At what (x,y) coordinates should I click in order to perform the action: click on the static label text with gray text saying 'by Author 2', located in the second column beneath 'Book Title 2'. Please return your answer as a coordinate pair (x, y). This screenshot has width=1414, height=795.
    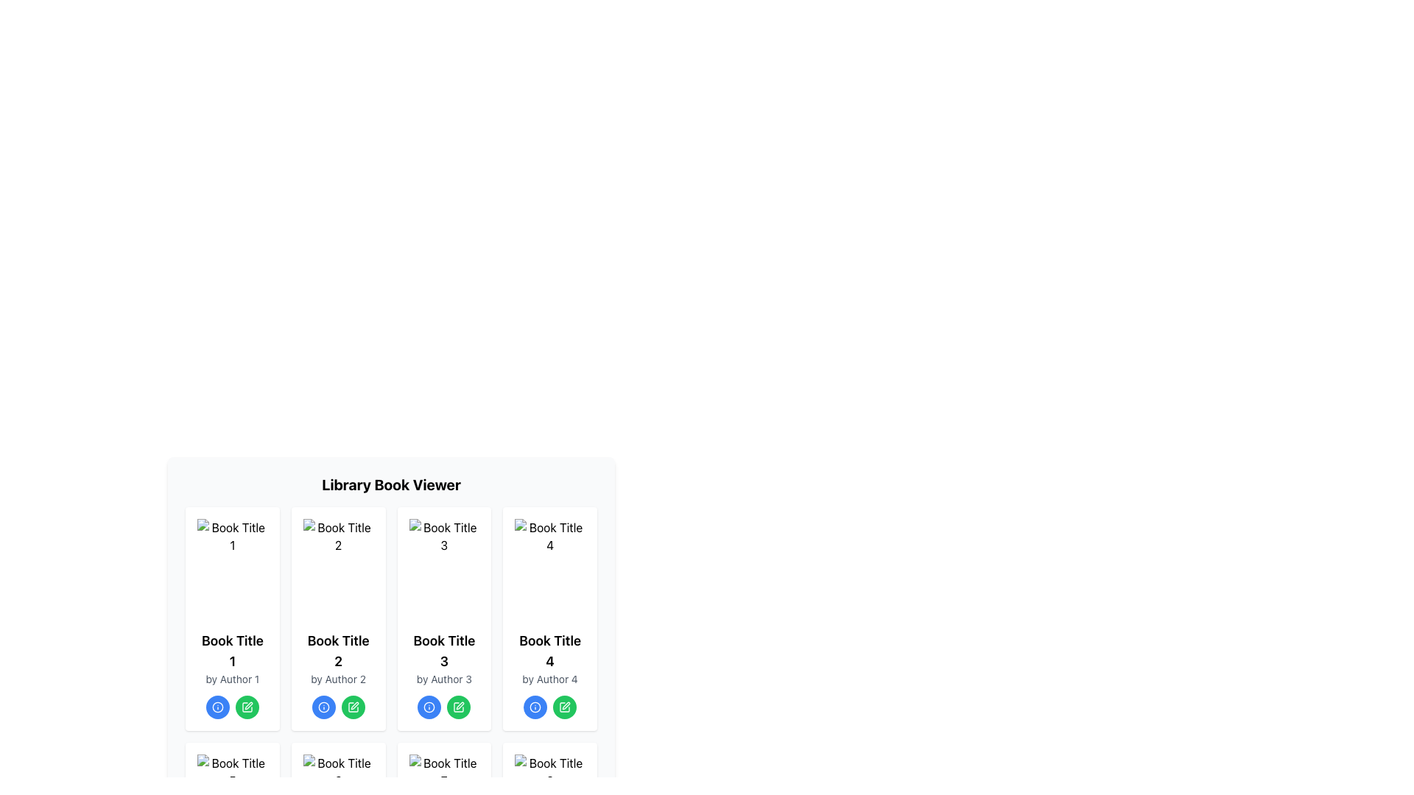
    Looking at the image, I should click on (337, 679).